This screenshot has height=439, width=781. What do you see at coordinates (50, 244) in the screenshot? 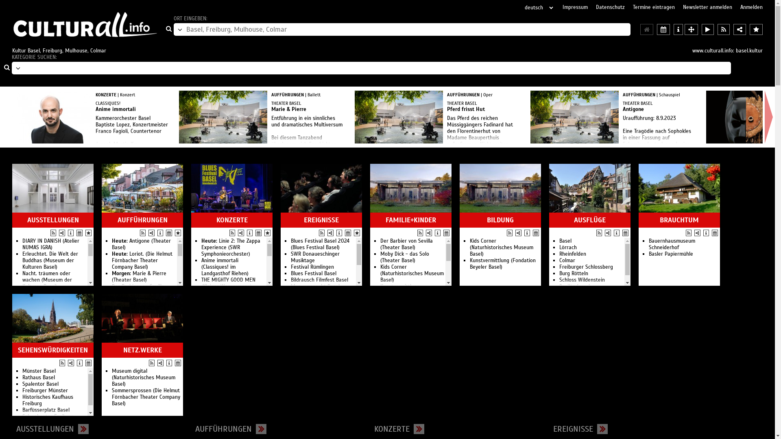
I see `'DIARY IN DANISH (Atelier NUMAS IGRA)'` at bounding box center [50, 244].